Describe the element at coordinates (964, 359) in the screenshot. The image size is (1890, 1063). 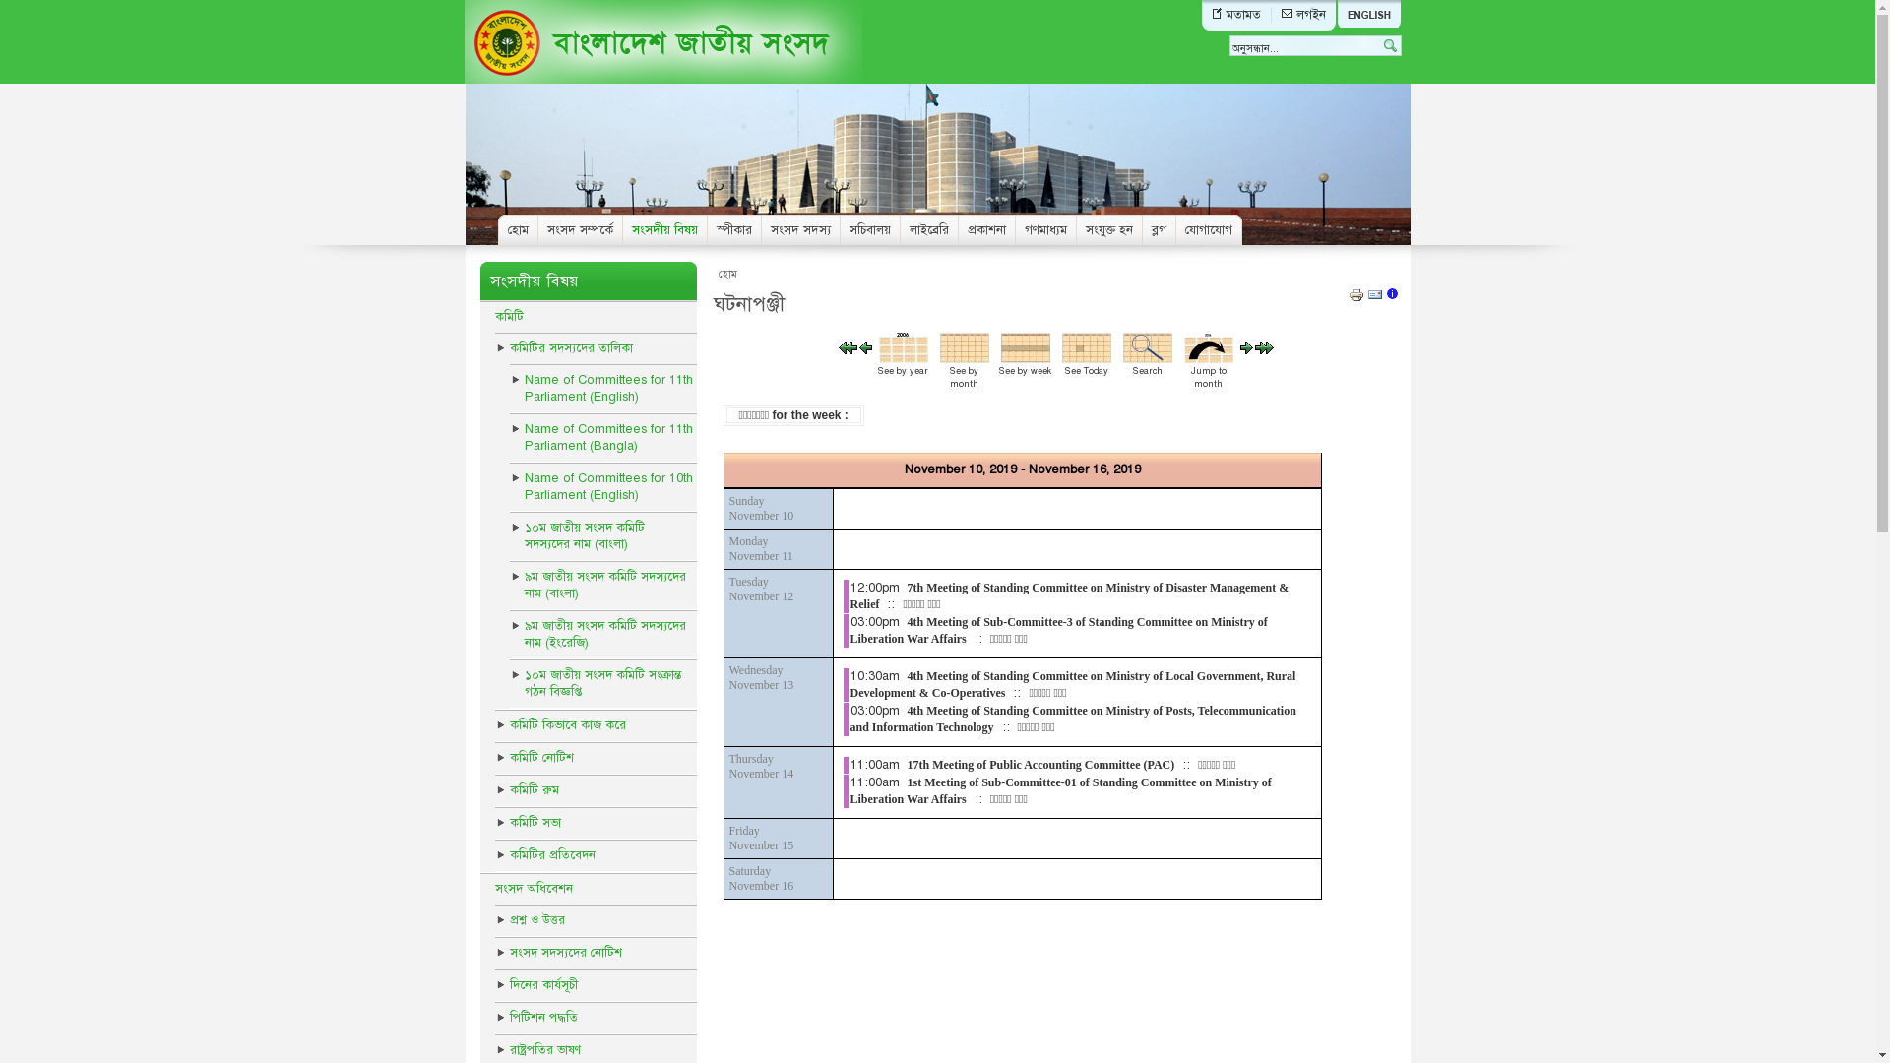
I see `'See by month'` at that location.